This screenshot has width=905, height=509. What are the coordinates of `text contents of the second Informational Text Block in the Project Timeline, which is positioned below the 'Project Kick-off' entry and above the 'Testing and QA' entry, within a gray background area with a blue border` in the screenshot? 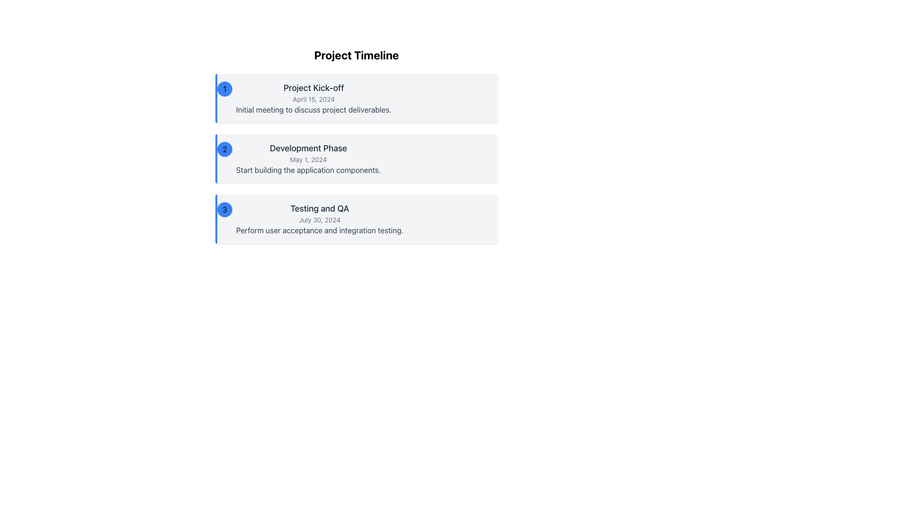 It's located at (308, 158).